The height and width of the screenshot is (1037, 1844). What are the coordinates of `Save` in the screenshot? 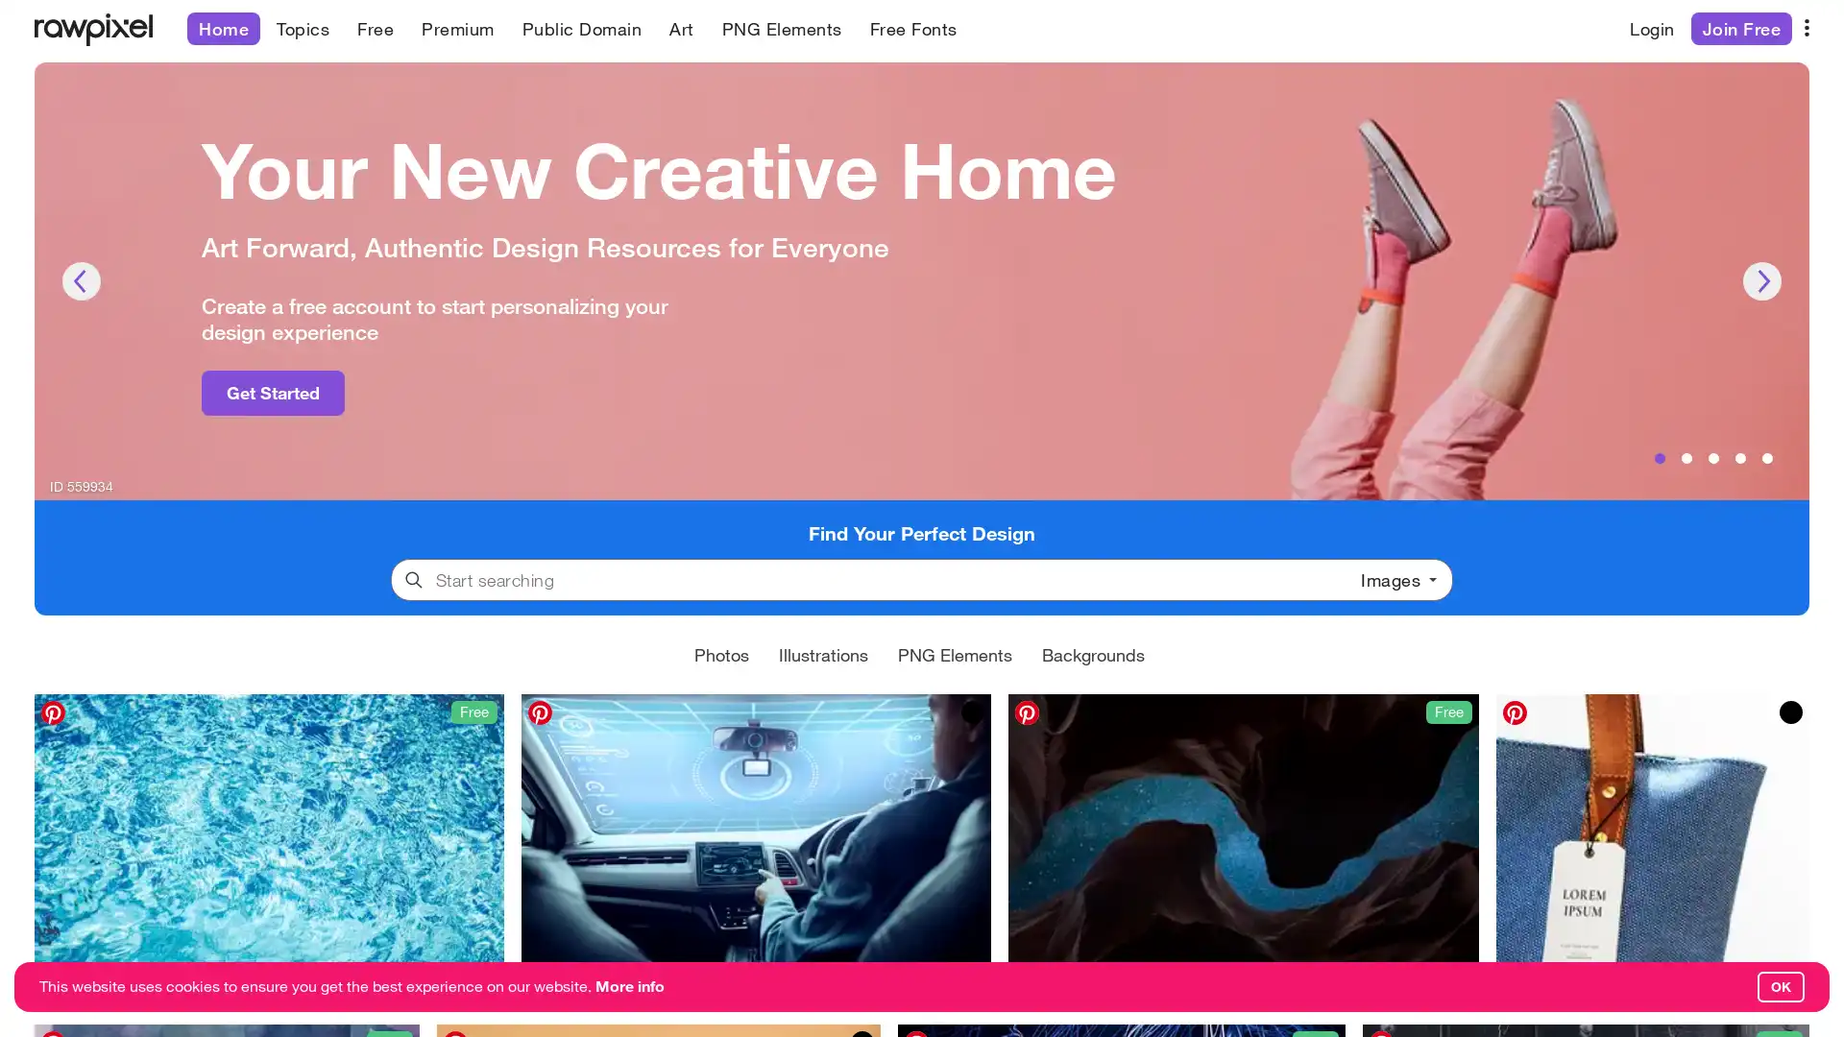 It's located at (552, 988).